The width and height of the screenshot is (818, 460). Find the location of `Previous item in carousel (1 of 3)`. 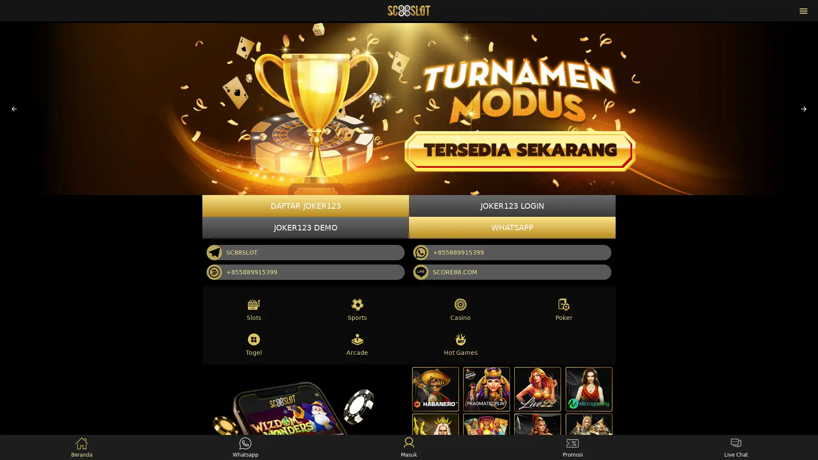

Previous item in carousel (1 of 3) is located at coordinates (14, 108).